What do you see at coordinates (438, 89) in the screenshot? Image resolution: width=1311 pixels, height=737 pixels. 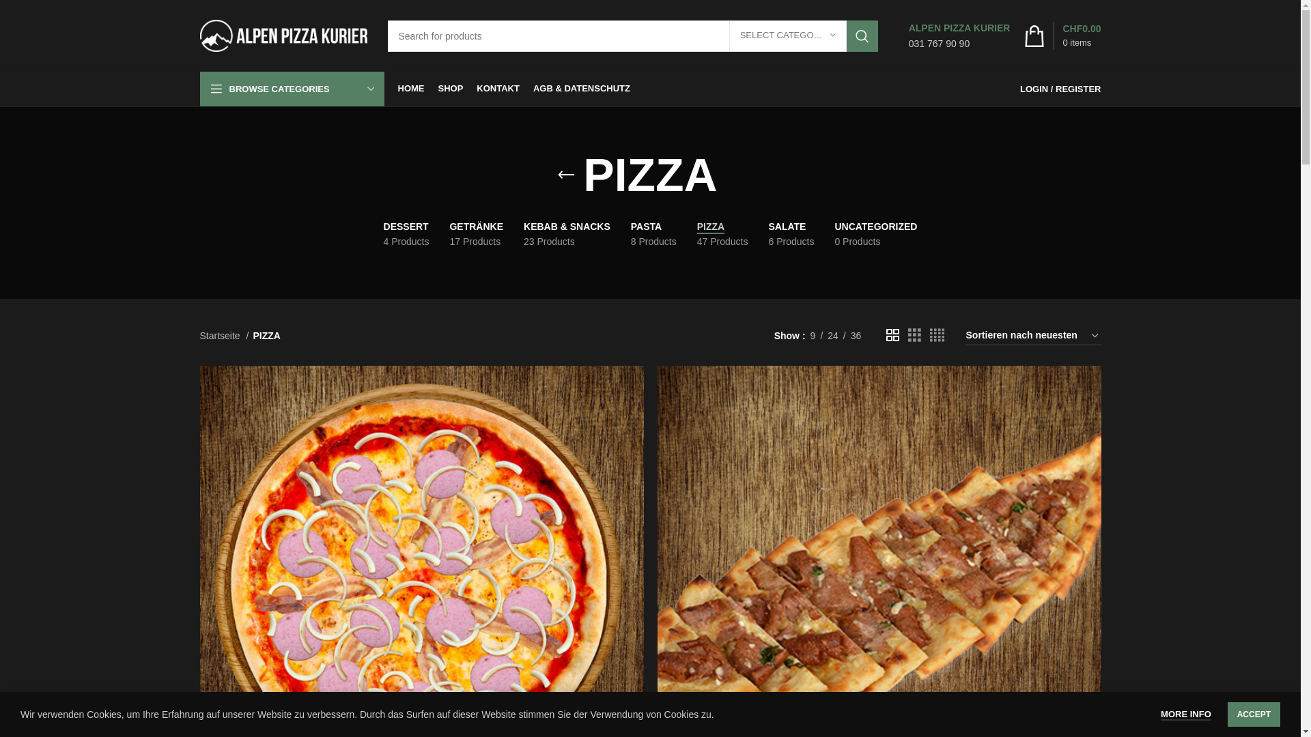 I see `'SHOP'` at bounding box center [438, 89].